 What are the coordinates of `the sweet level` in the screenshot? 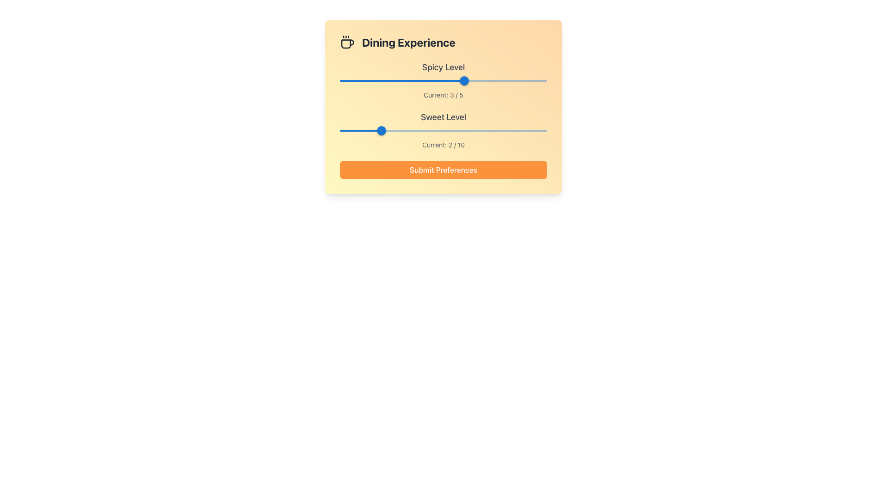 It's located at (408, 130).